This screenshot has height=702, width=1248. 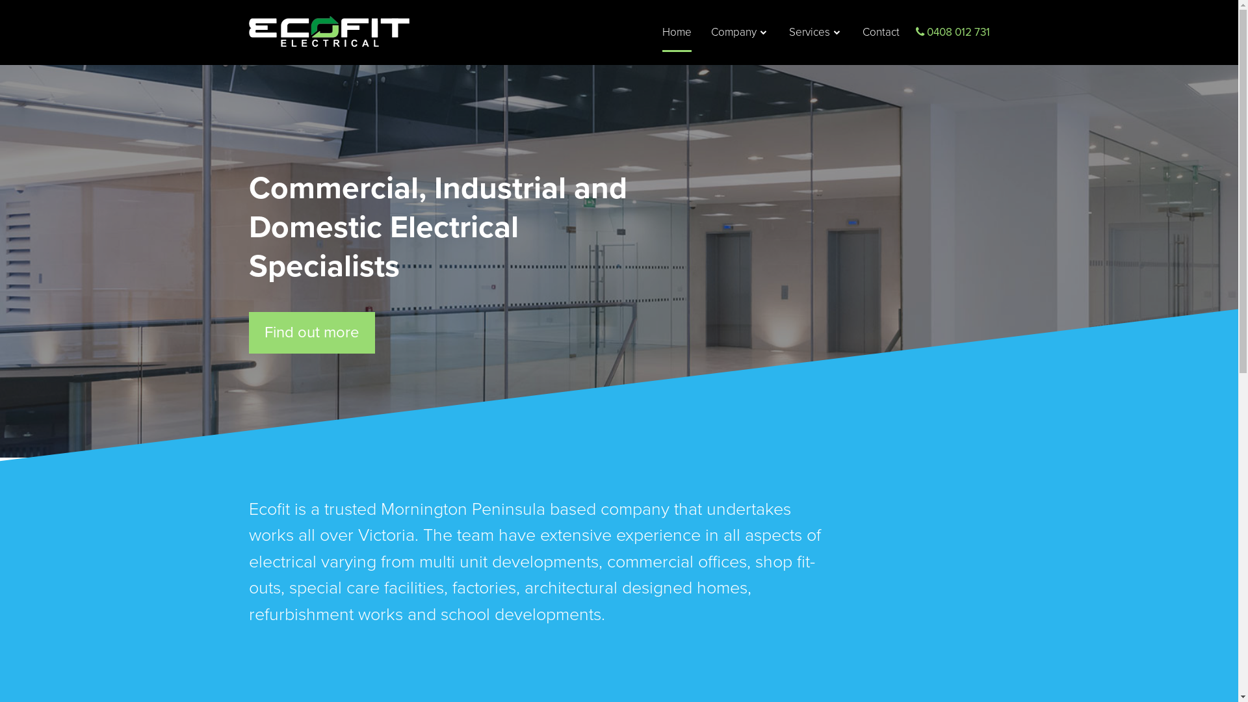 I want to click on 'Company', so click(x=738, y=32).